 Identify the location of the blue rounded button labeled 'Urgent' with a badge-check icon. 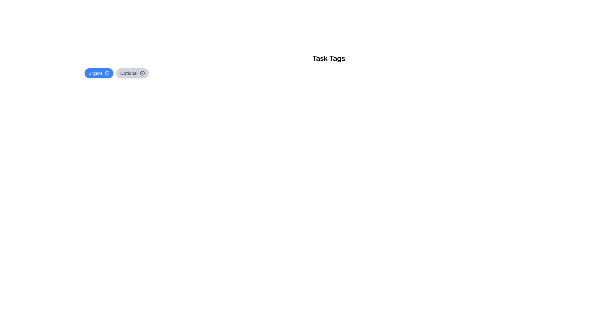
(99, 73).